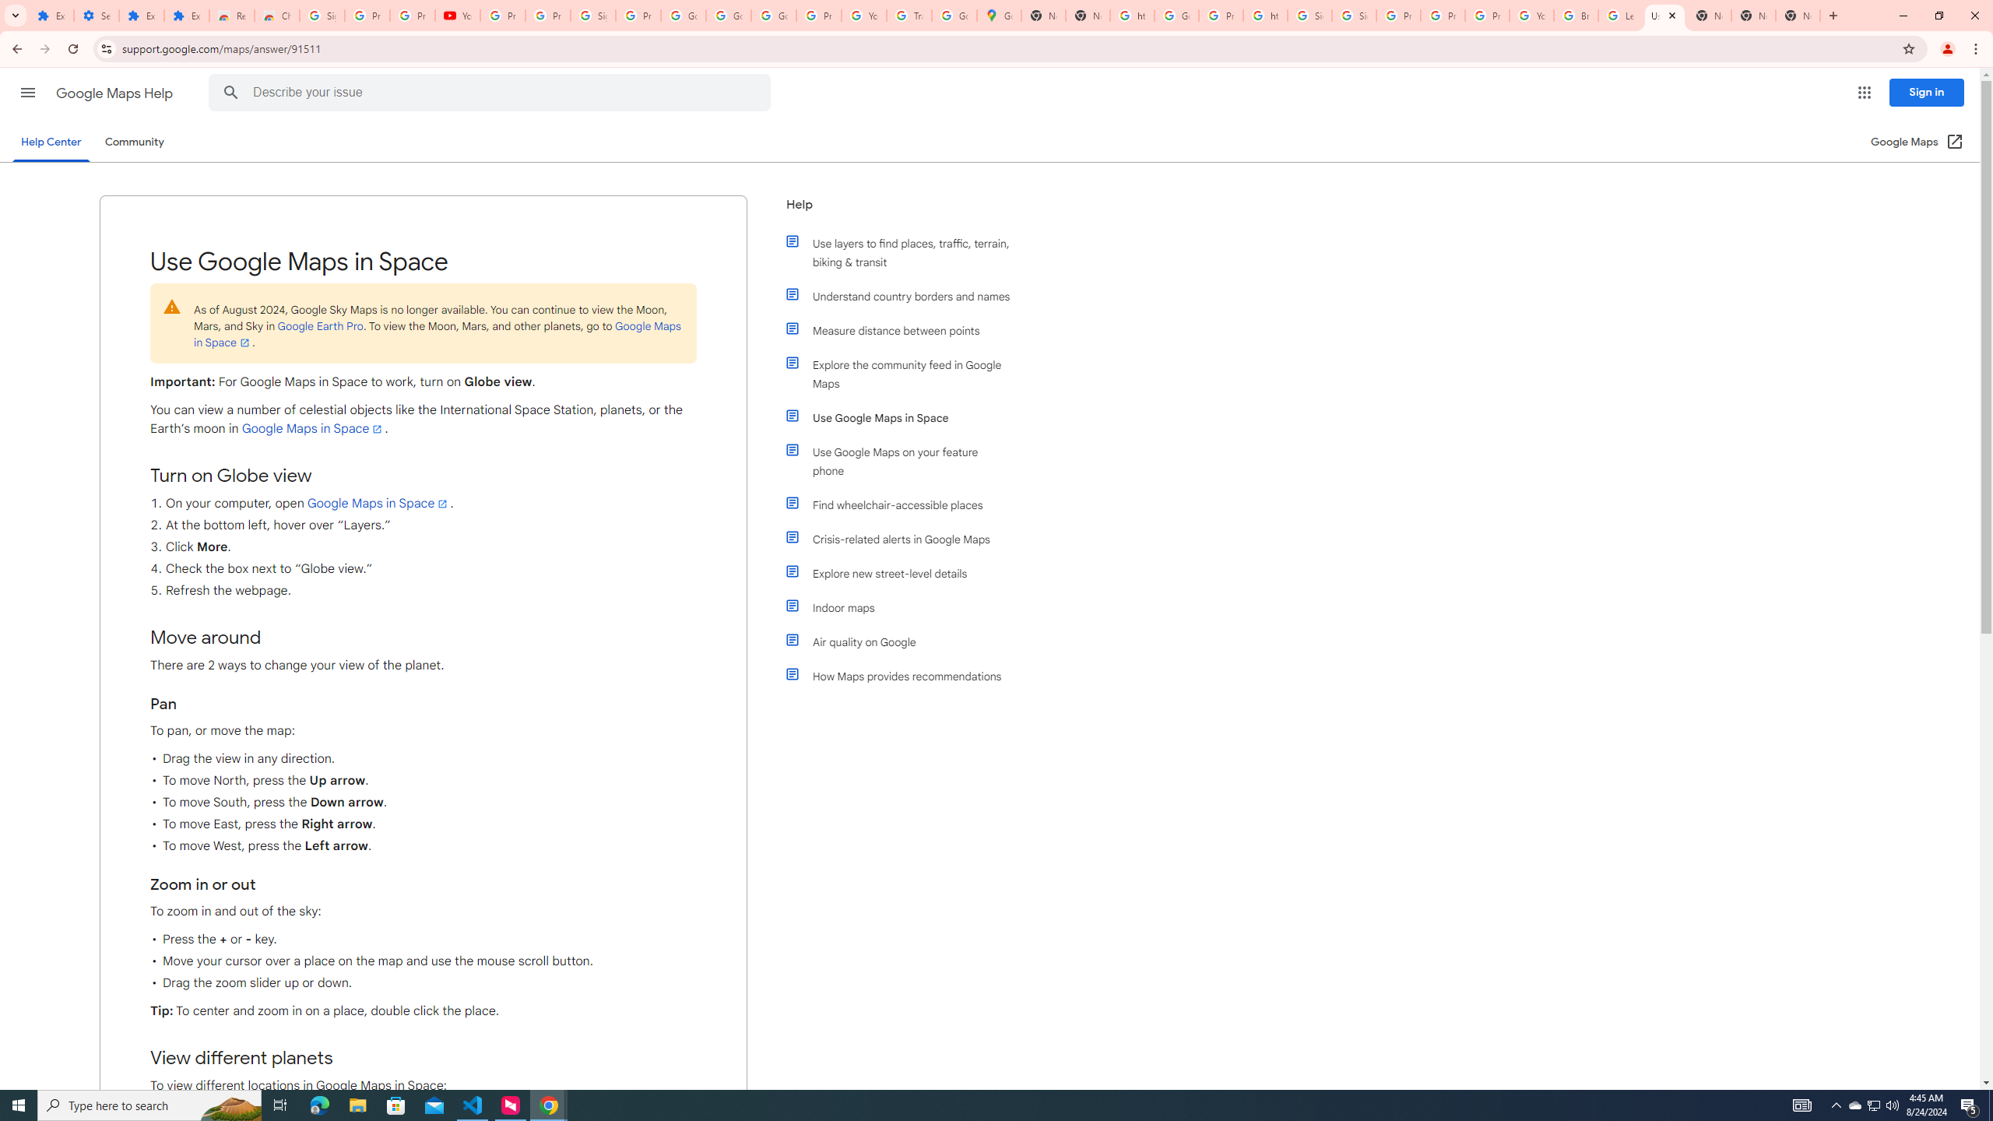  What do you see at coordinates (905, 460) in the screenshot?
I see `'Use Google Maps on your feature phone'` at bounding box center [905, 460].